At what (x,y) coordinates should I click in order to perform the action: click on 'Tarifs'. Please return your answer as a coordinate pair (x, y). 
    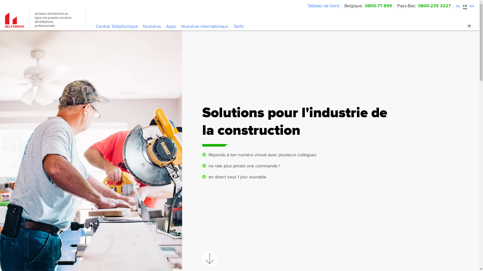
    Looking at the image, I should click on (238, 27).